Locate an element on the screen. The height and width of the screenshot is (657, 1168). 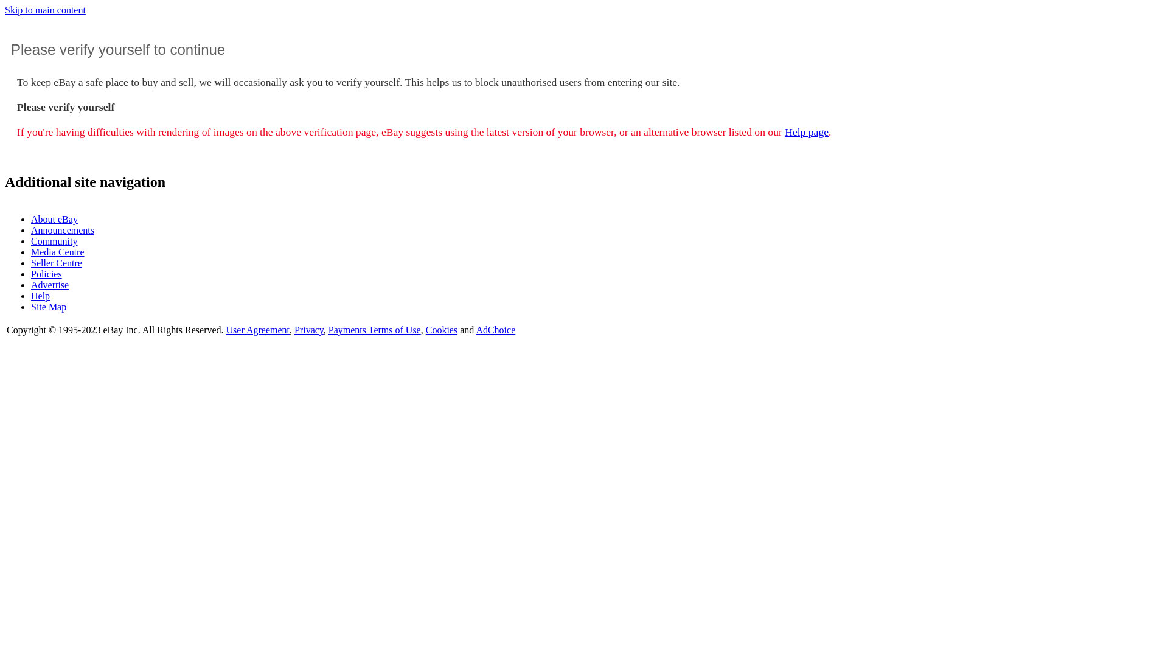
'Help page' is located at coordinates (785, 131).